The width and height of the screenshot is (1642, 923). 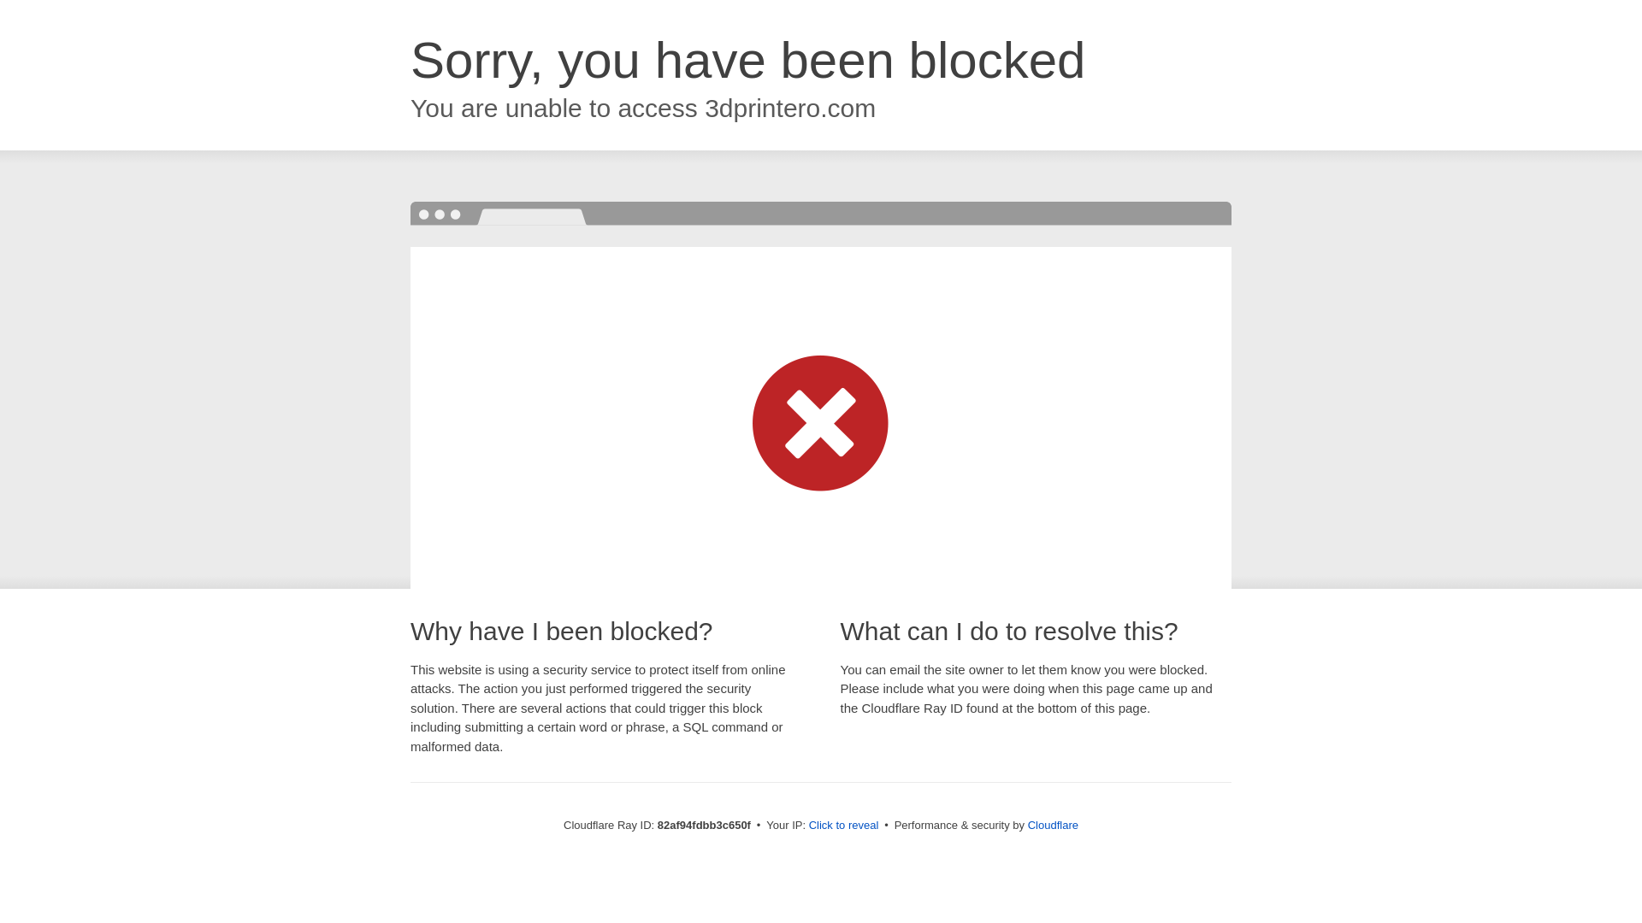 What do you see at coordinates (844, 824) in the screenshot?
I see `'Click to reveal'` at bounding box center [844, 824].